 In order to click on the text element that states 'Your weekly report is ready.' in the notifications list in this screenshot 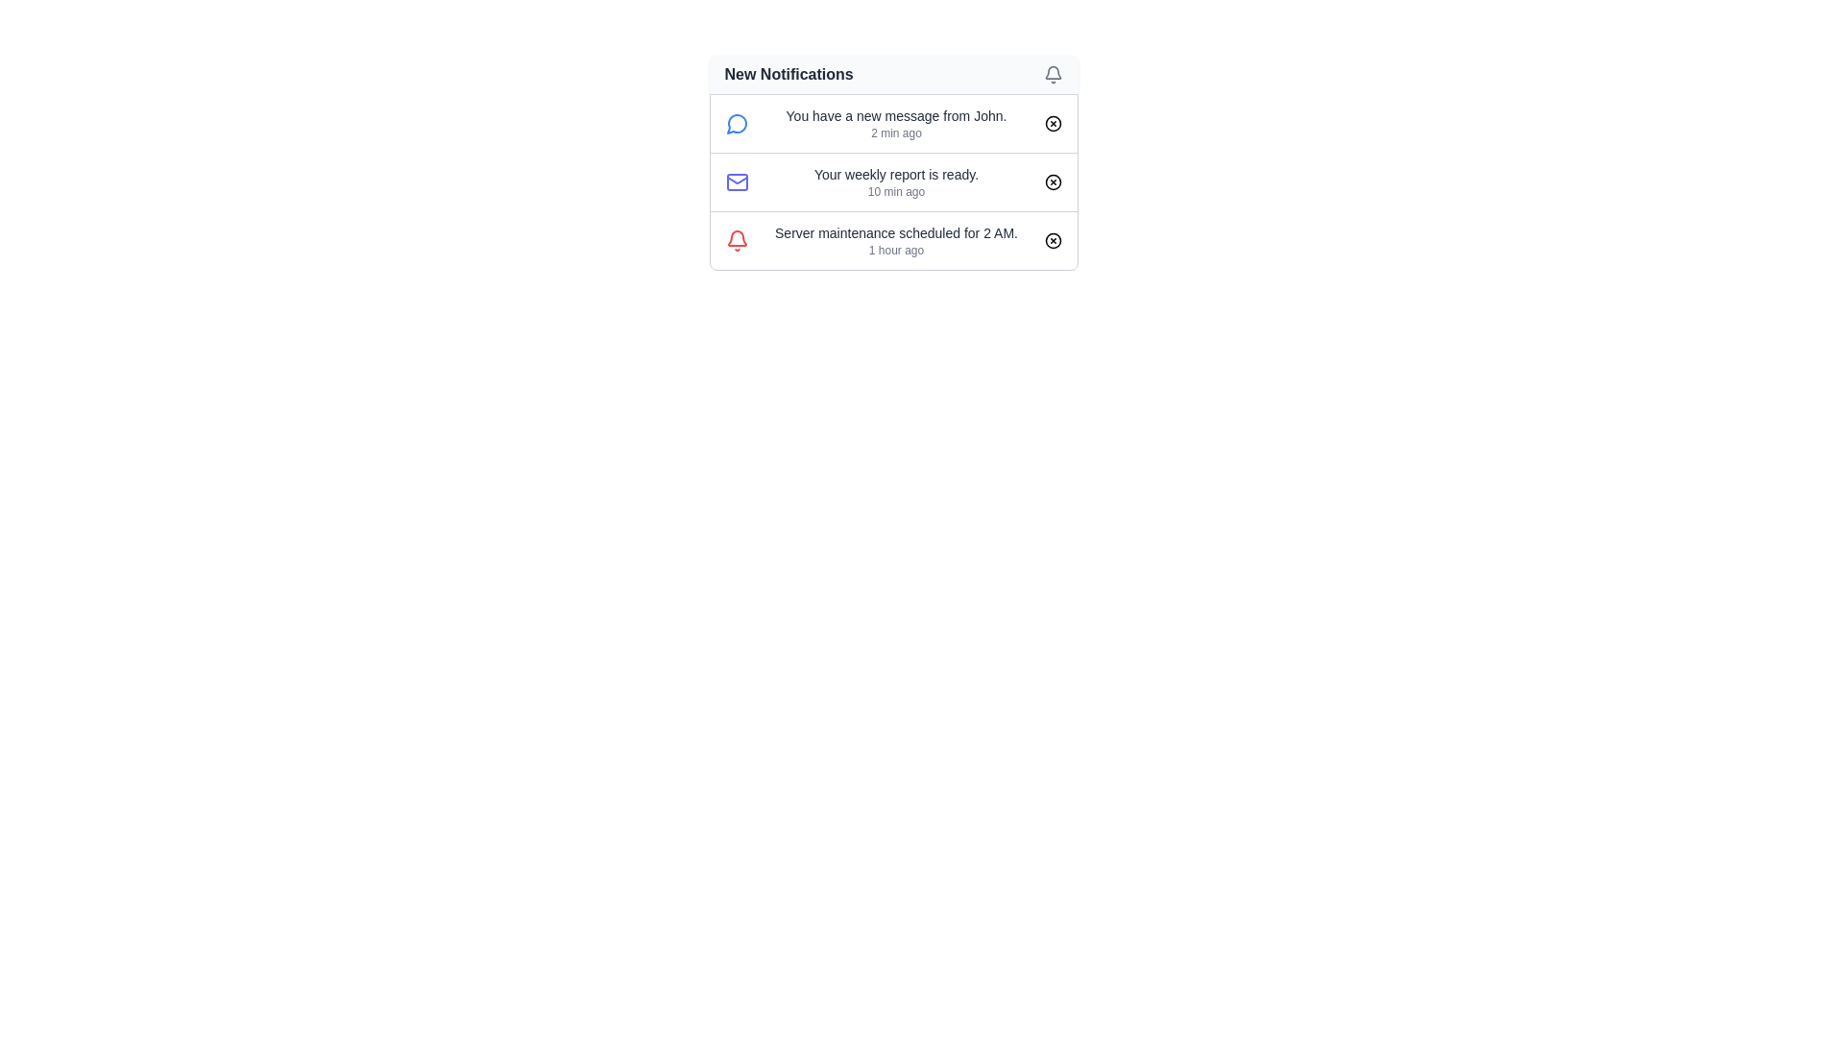, I will do `click(895, 174)`.